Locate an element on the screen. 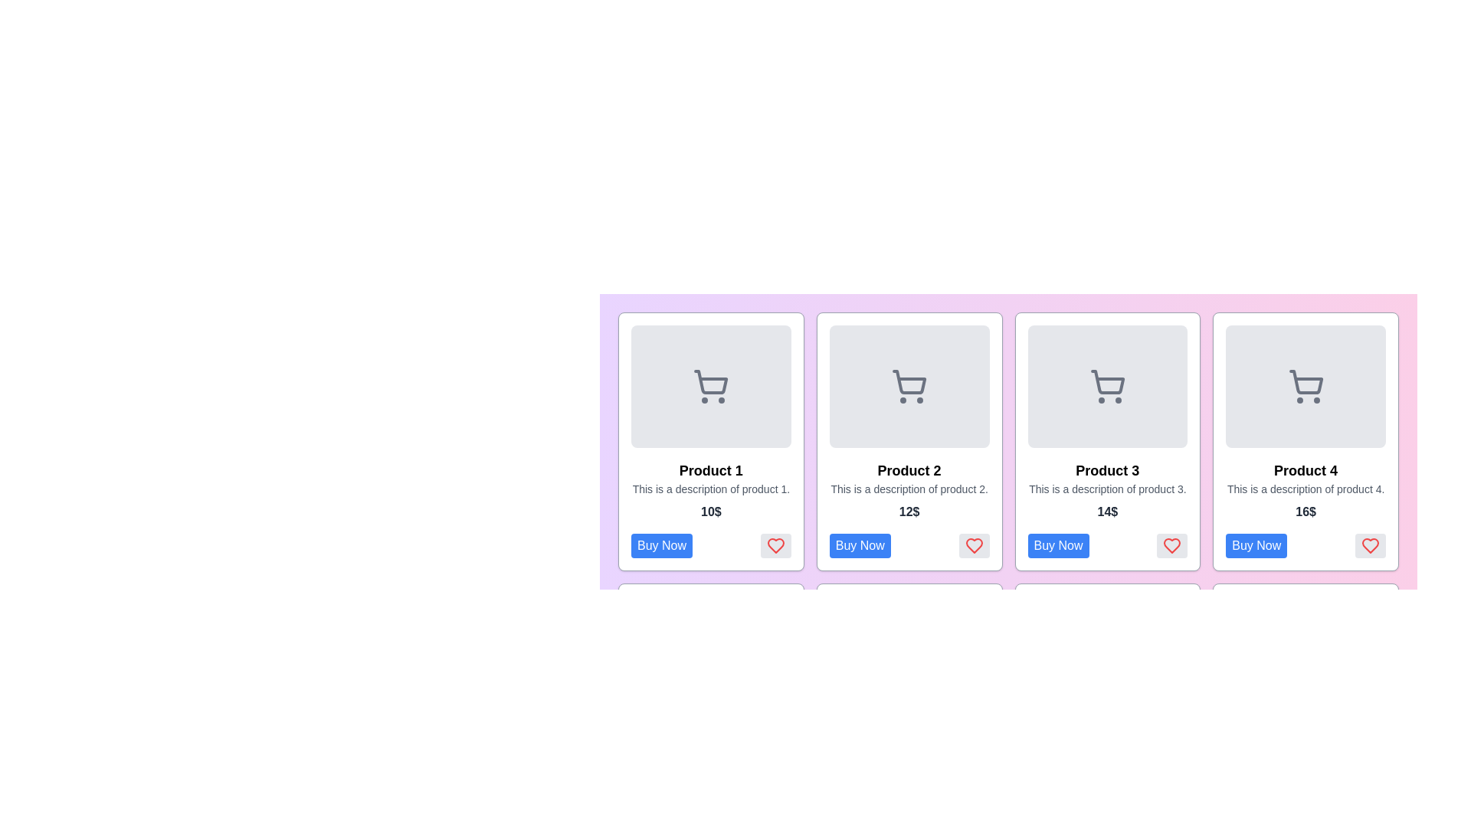 Image resolution: width=1471 pixels, height=827 pixels. the second text label in the card for 'Product 1', which provides a description of the product is located at coordinates (710, 489).